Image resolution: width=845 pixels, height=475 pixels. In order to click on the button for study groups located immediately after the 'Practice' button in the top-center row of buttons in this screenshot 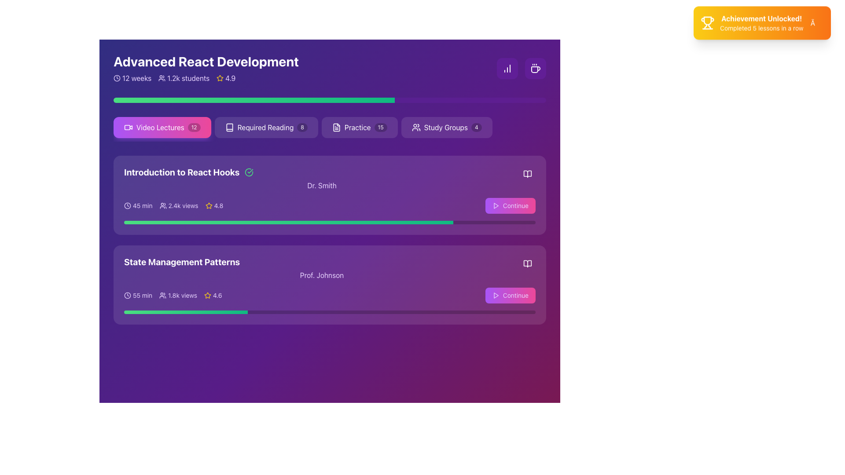, I will do `click(447, 127)`.